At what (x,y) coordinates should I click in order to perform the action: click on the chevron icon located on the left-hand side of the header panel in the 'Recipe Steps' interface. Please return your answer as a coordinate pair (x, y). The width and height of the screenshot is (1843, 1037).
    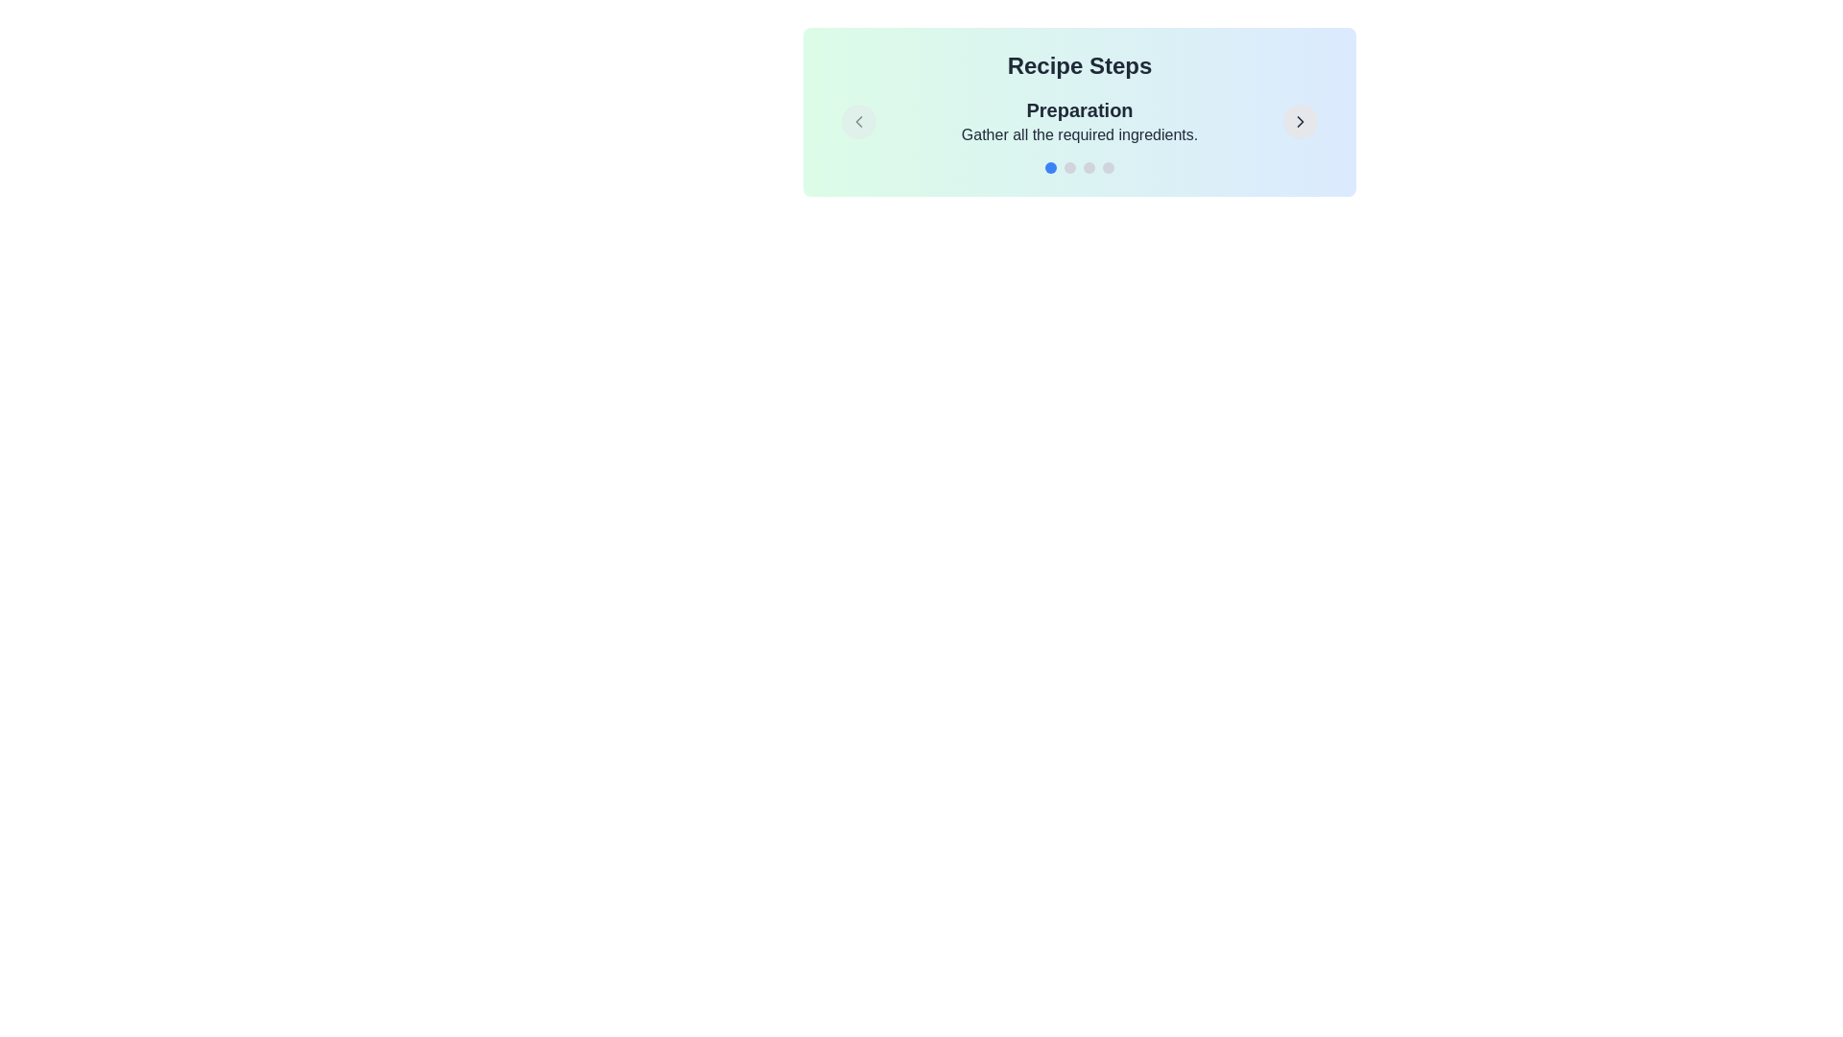
    Looking at the image, I should click on (857, 122).